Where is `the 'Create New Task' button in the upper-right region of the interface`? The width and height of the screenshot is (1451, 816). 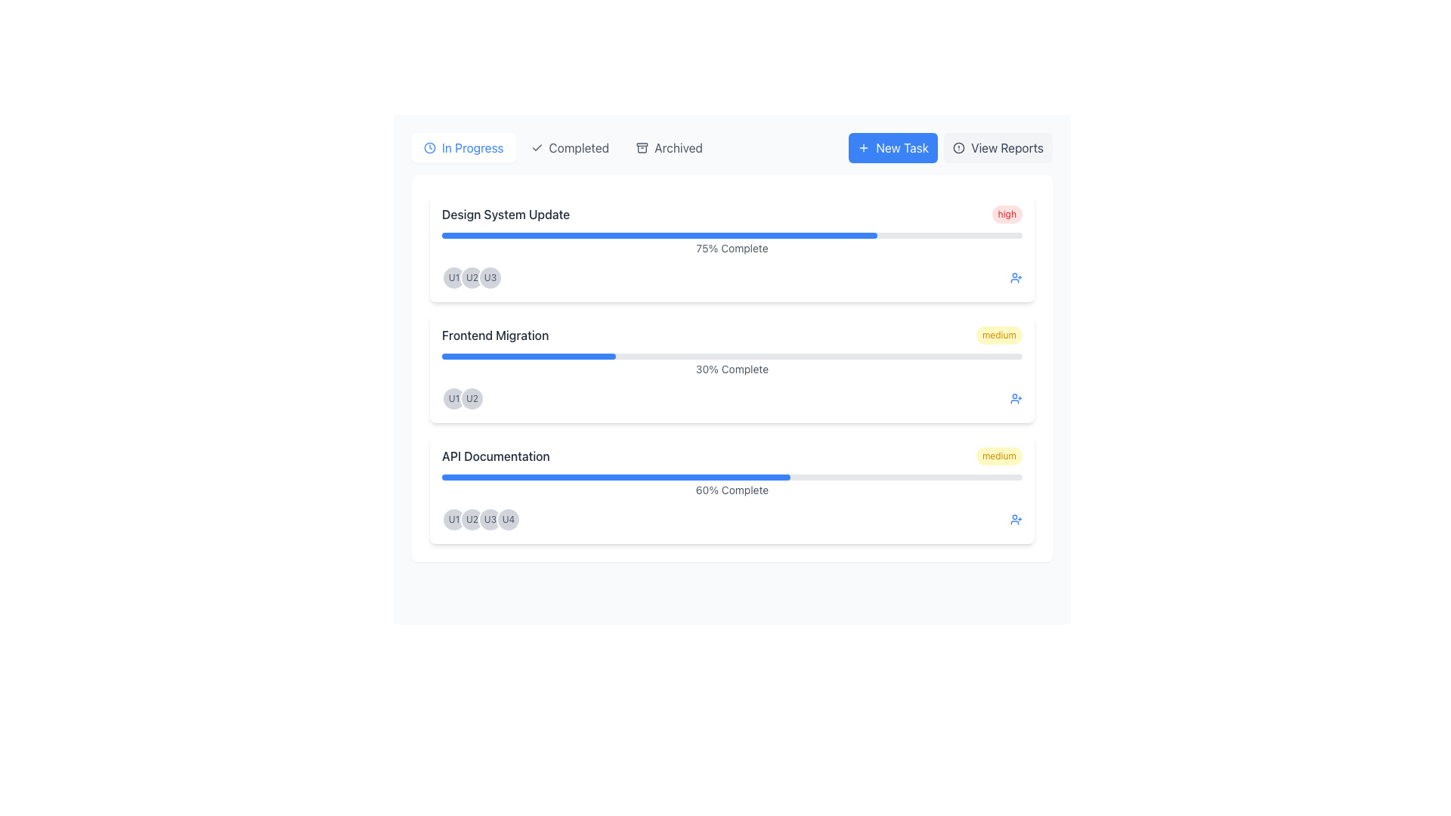
the 'Create New Task' button in the upper-right region of the interface is located at coordinates (893, 148).